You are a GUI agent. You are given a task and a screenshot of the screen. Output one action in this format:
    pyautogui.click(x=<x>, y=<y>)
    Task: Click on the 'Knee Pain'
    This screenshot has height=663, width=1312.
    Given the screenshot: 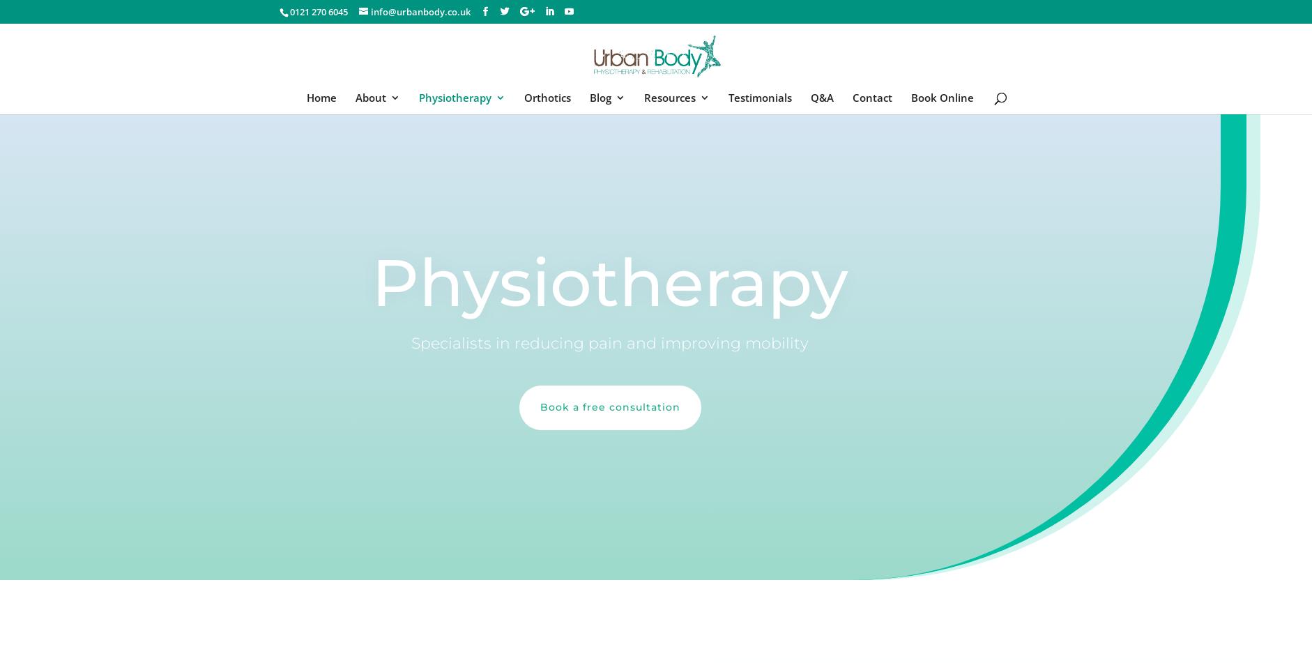 What is the action you would take?
    pyautogui.click(x=472, y=219)
    